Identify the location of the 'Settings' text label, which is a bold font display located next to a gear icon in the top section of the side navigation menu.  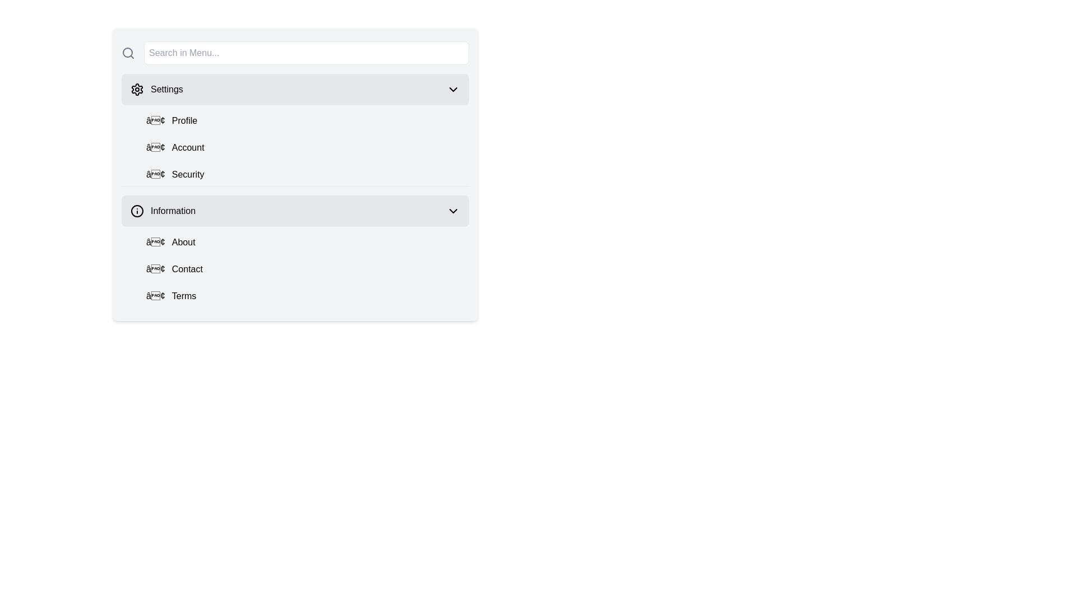
(166, 89).